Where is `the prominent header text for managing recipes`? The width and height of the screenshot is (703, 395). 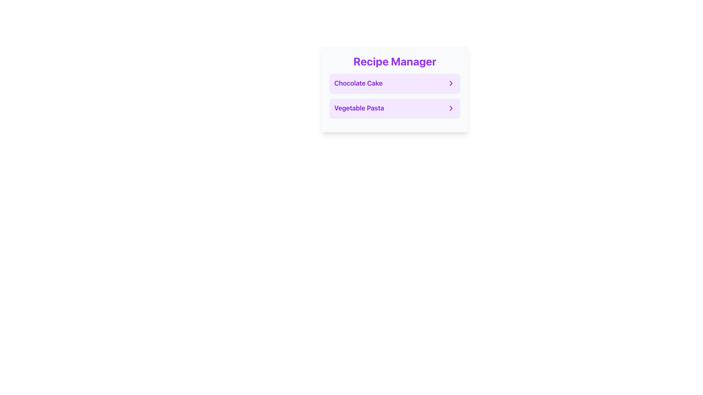 the prominent header text for managing recipes is located at coordinates (394, 61).